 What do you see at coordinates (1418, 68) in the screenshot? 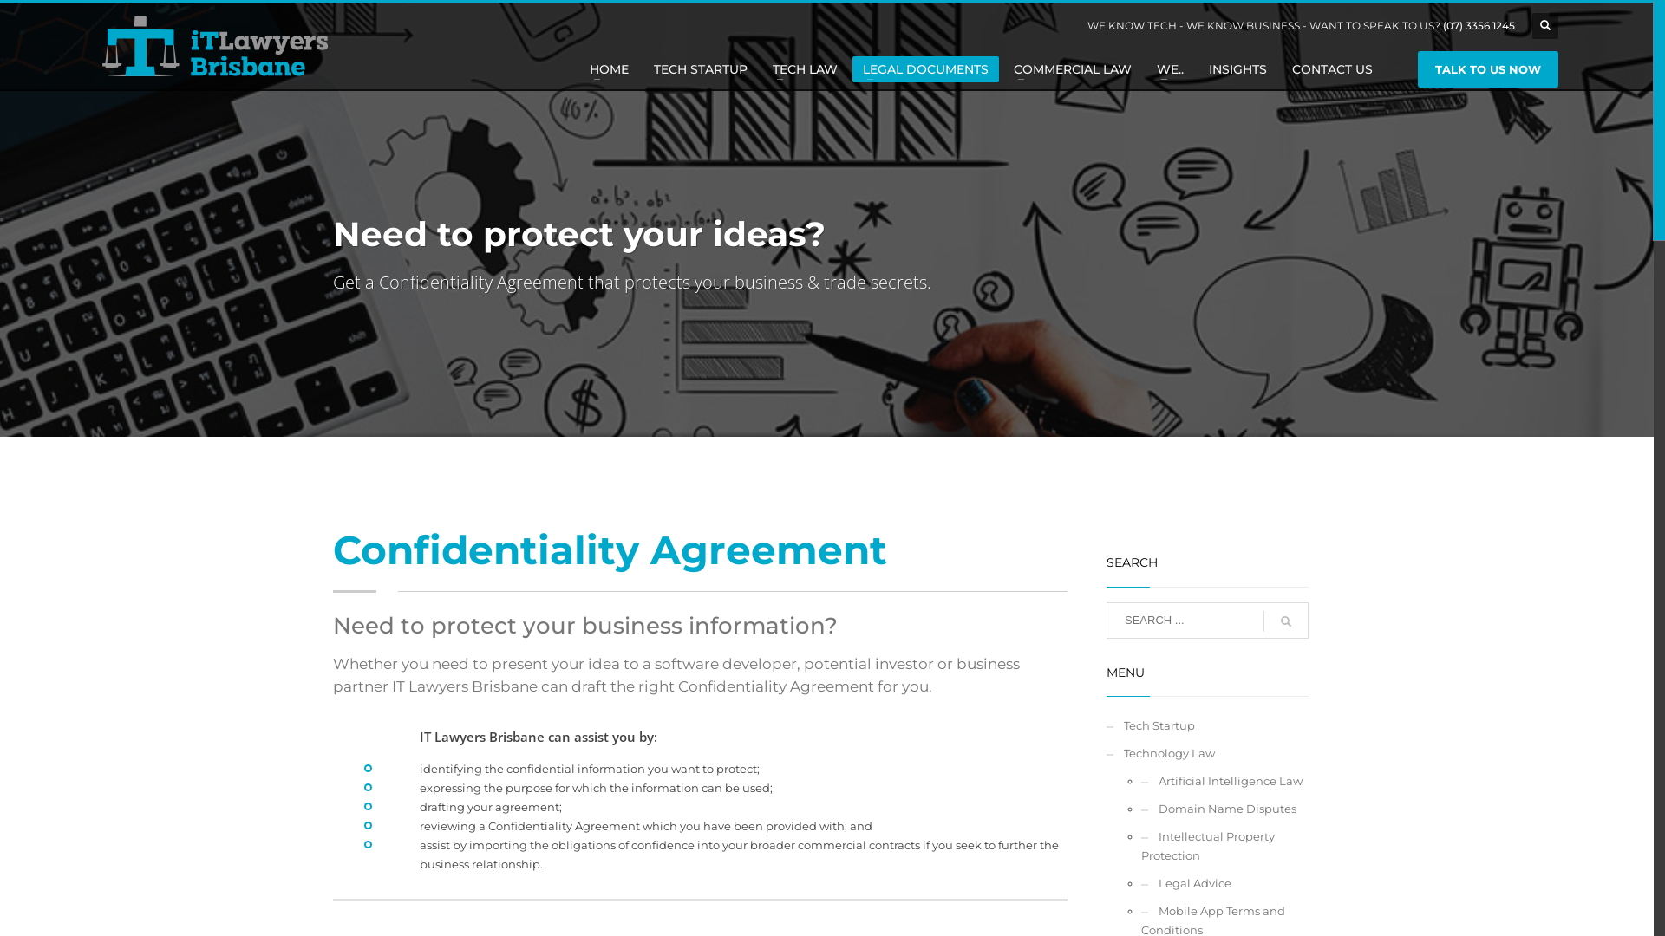
I see `'TALK TO US NOW'` at bounding box center [1418, 68].